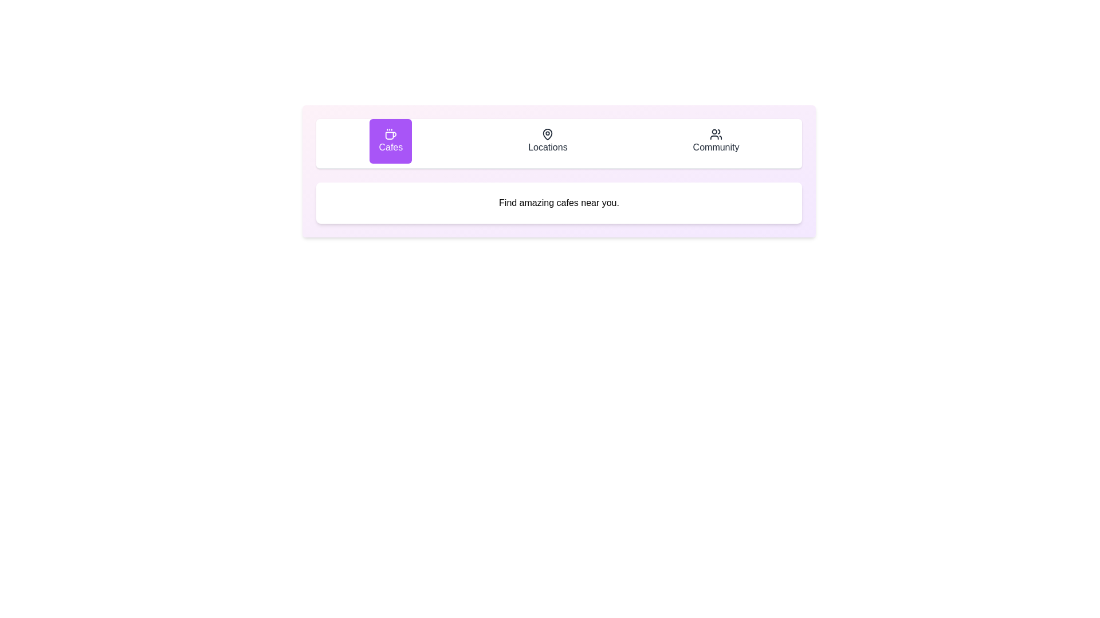  I want to click on the 'Community' icon located at the top-right section of the menu bar for navigation, so click(715, 134).